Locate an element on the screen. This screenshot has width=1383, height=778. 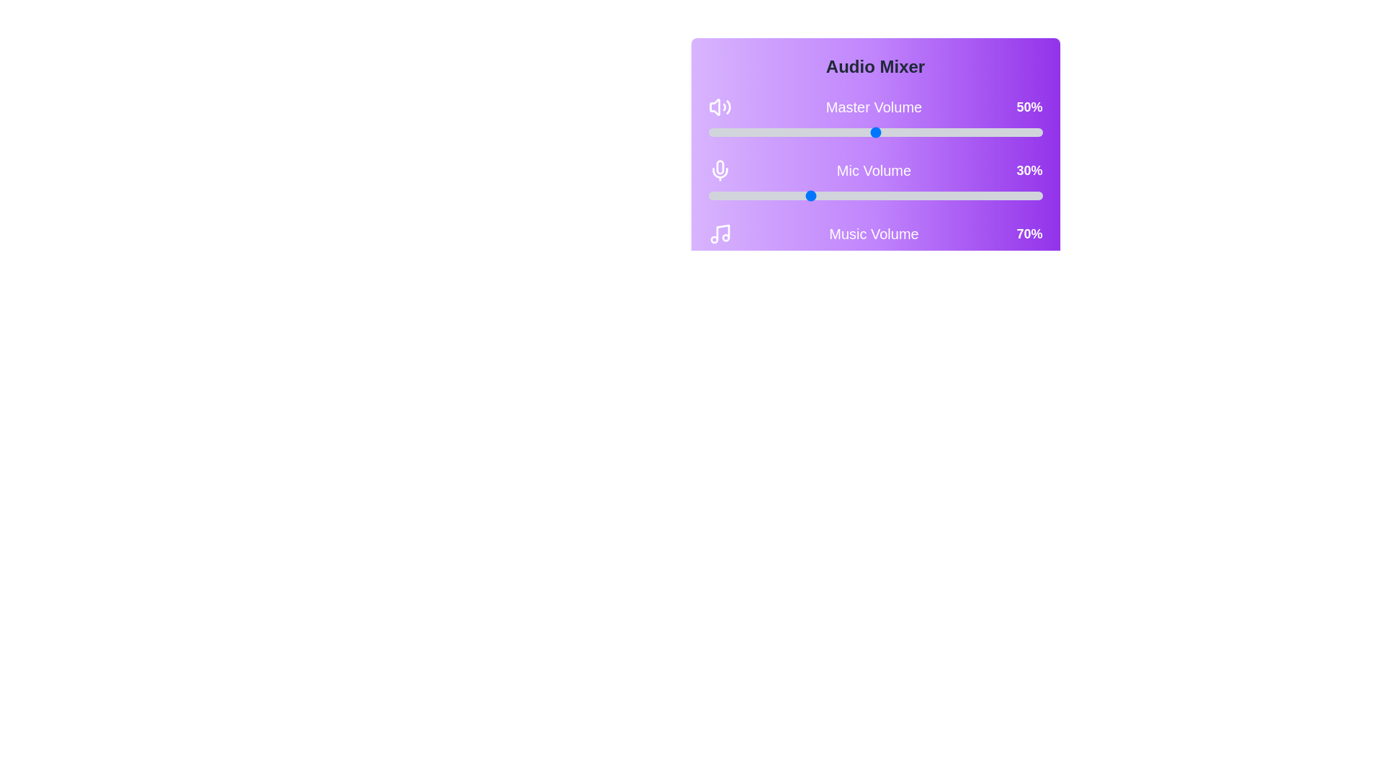
the microphone volume level is located at coordinates (815, 196).